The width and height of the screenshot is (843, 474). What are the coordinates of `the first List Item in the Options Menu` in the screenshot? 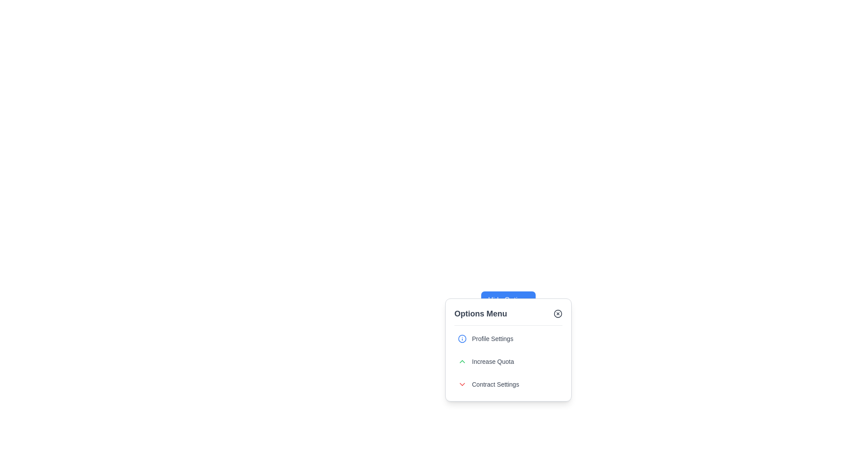 It's located at (508, 346).